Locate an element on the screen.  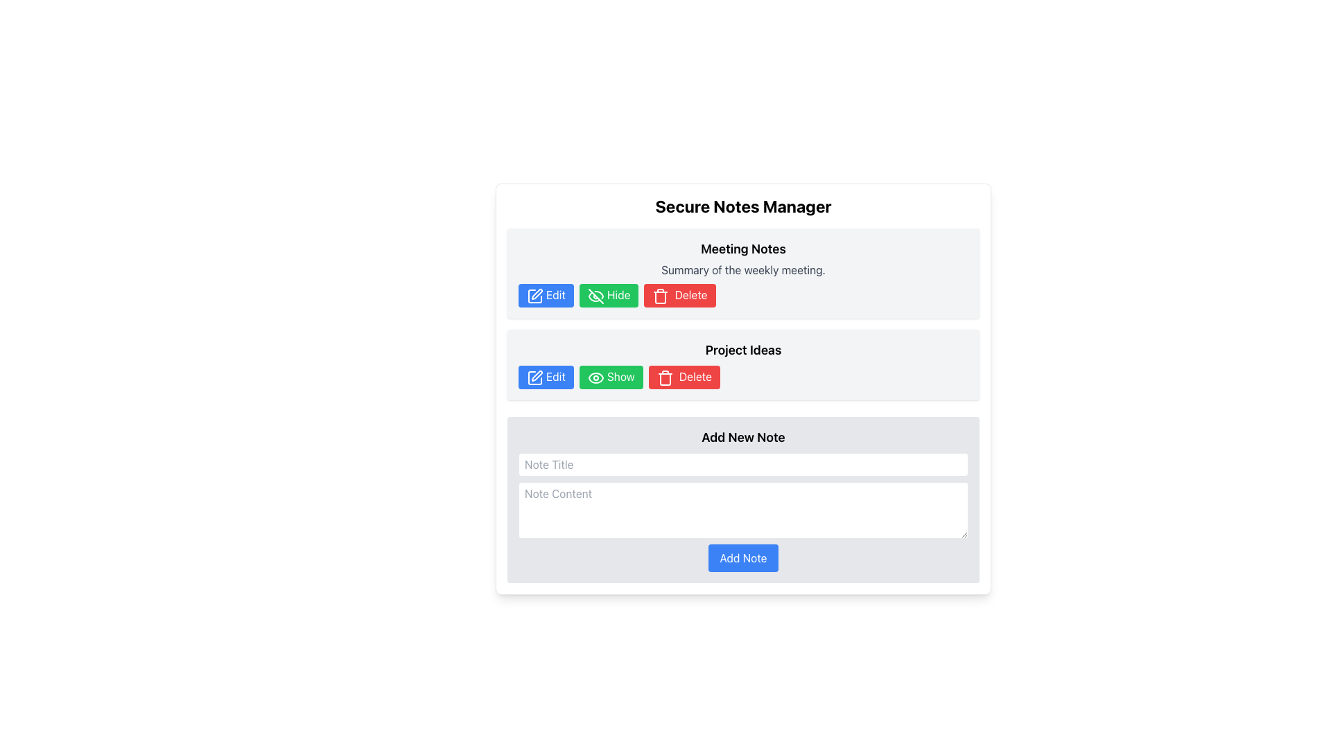
the first button in the horizontal row below the 'Meeting Notes' section in the 'Secure Notes Manager' interface is located at coordinates (545, 294).